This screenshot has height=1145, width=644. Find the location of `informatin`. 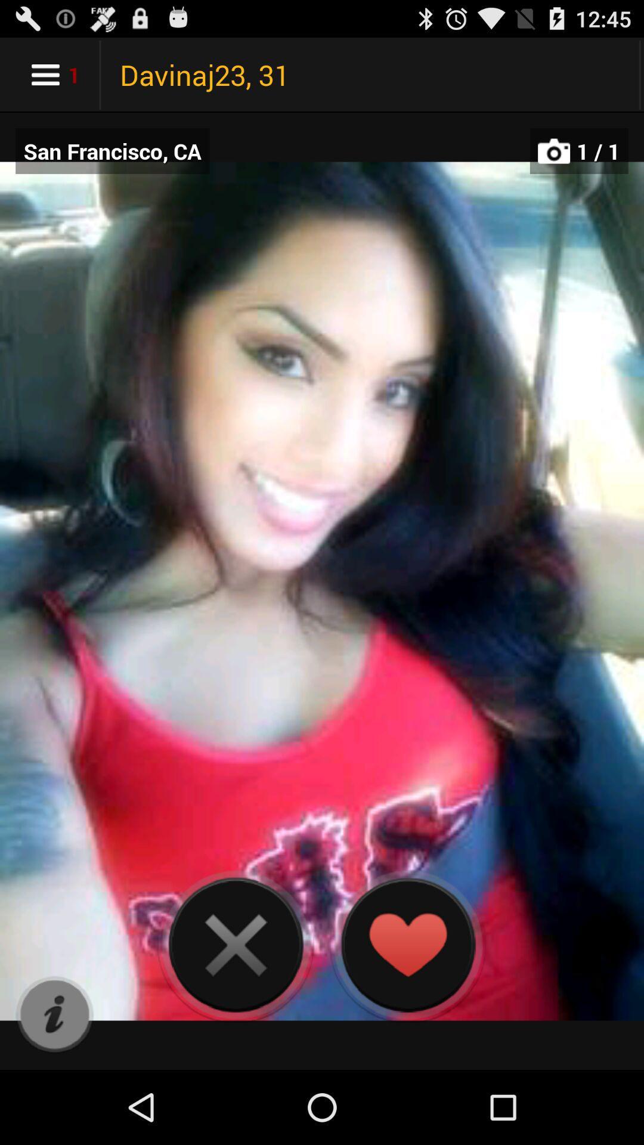

informatin is located at coordinates (54, 1014).